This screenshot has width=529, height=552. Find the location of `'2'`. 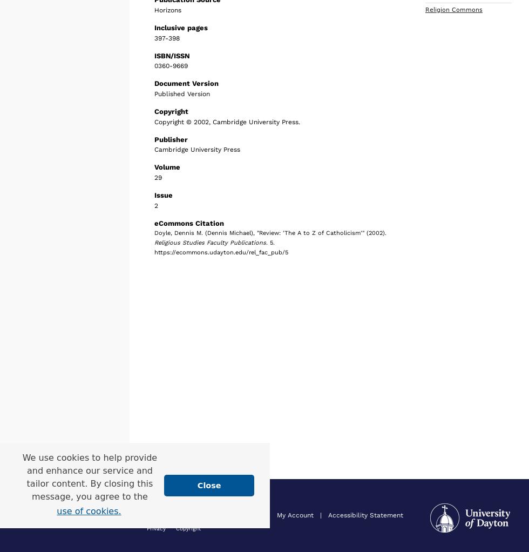

'2' is located at coordinates (156, 204).